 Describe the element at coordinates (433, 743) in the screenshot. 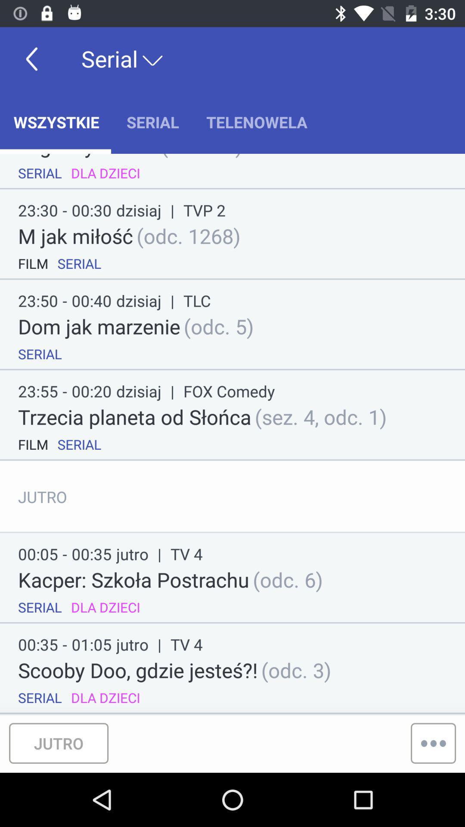

I see `the more icon` at that location.